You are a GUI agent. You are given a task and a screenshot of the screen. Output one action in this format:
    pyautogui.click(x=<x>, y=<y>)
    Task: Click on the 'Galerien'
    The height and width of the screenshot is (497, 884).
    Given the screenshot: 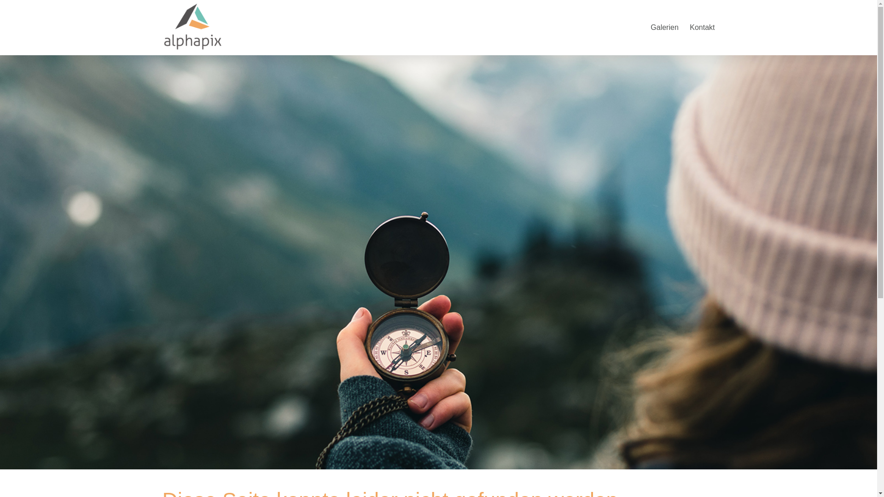 What is the action you would take?
    pyautogui.click(x=664, y=27)
    